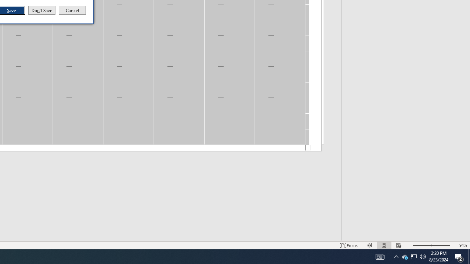 The image size is (470, 264). What do you see at coordinates (396, 256) in the screenshot?
I see `'AutomationID: 4105'` at bounding box center [396, 256].